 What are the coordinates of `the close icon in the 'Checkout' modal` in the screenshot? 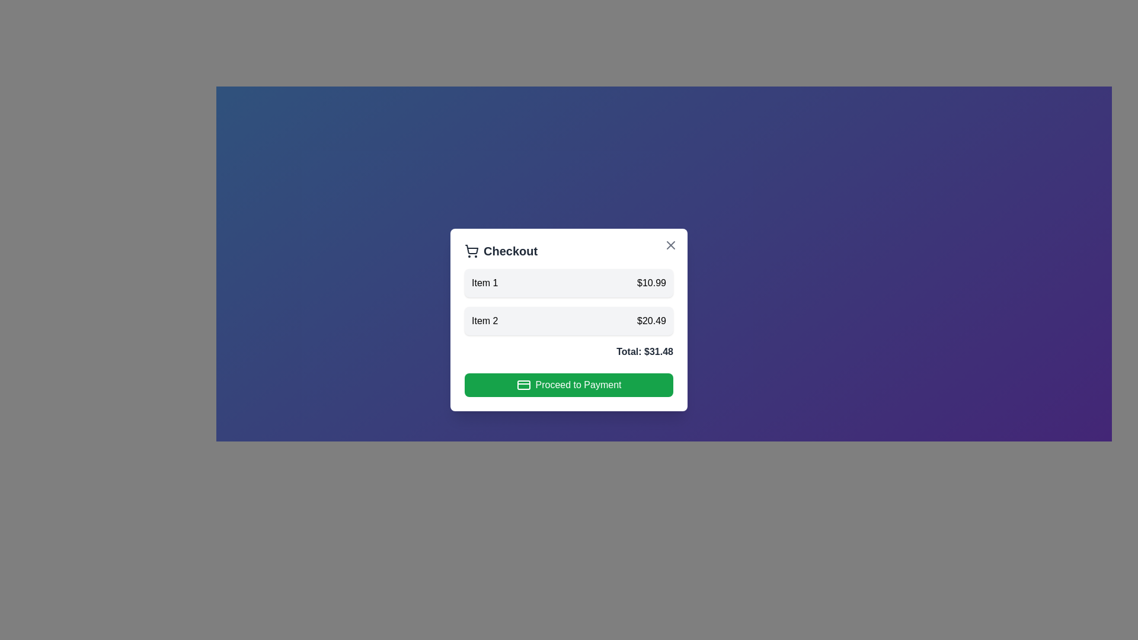 It's located at (671, 244).